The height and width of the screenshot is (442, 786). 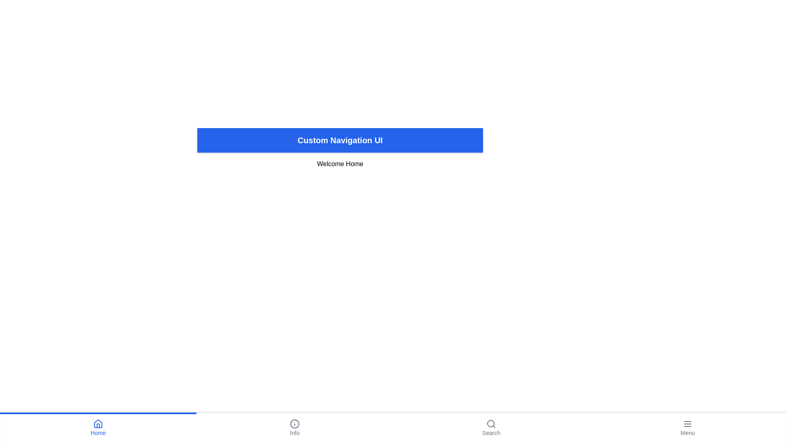 I want to click on the Icon component representing the lens of the magnifying glass in the search icon located at the bottom navigation bar, so click(x=491, y=423).